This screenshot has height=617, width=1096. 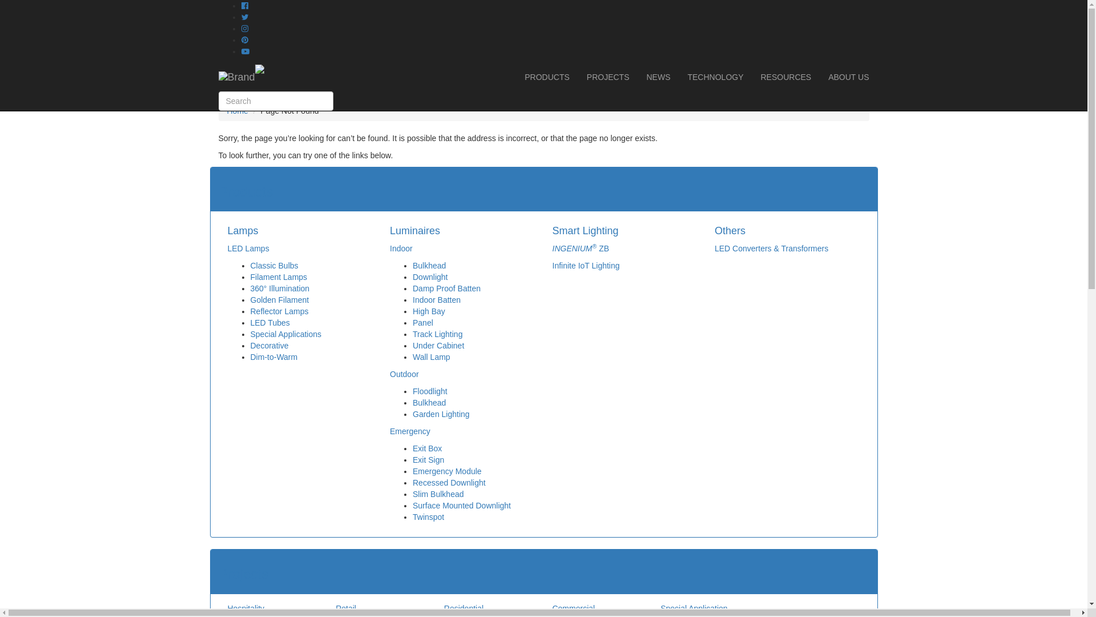 What do you see at coordinates (546, 77) in the screenshot?
I see `'PRODUCTS'` at bounding box center [546, 77].